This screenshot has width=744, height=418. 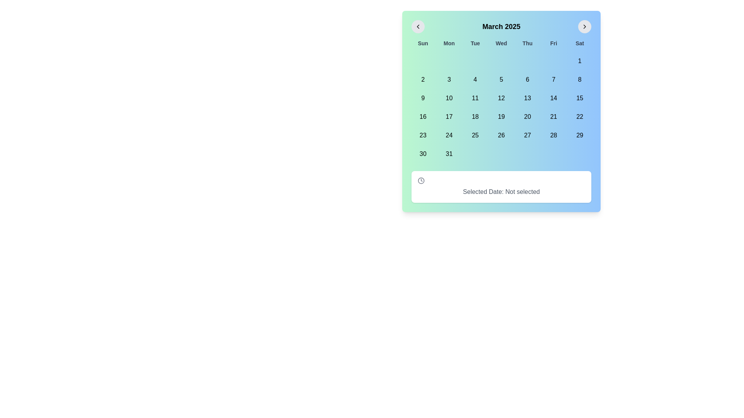 What do you see at coordinates (475, 98) in the screenshot?
I see `the interactive button for selecting the 11th day of March 2025` at bounding box center [475, 98].